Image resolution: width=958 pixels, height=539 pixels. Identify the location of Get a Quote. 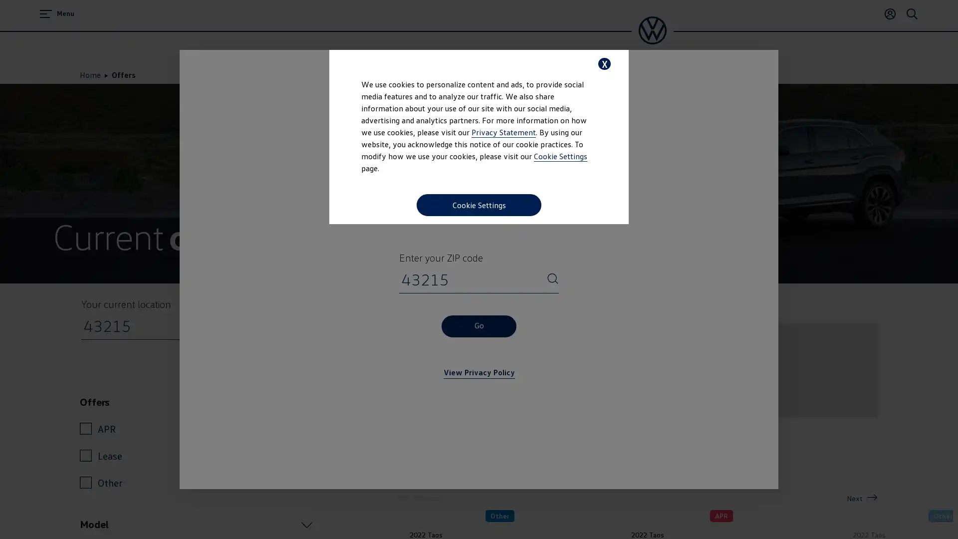
(589, 464).